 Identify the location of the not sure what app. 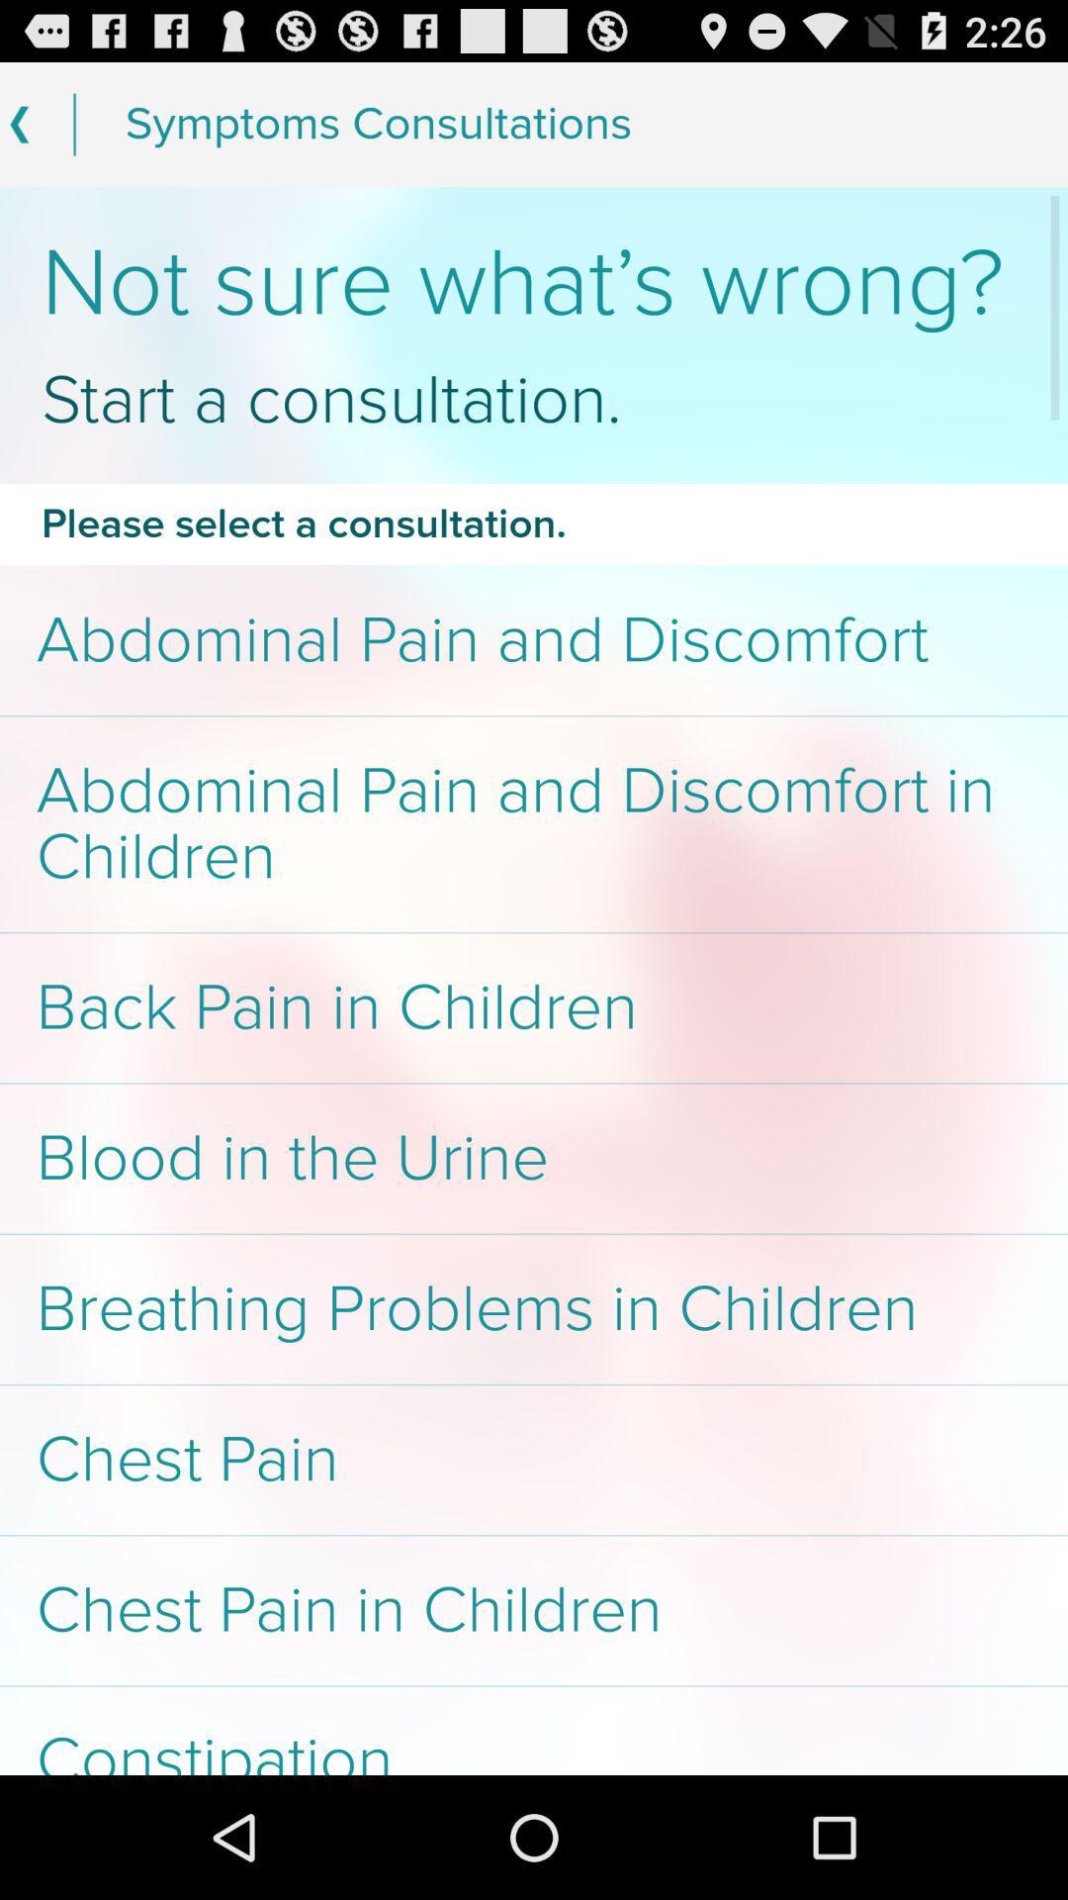
(534, 283).